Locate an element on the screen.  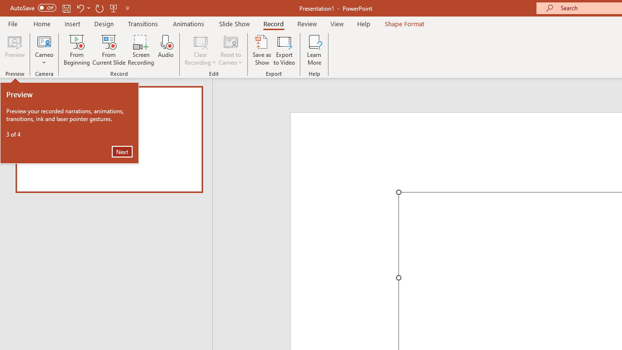
'Reset to Cameo' is located at coordinates (230, 50).